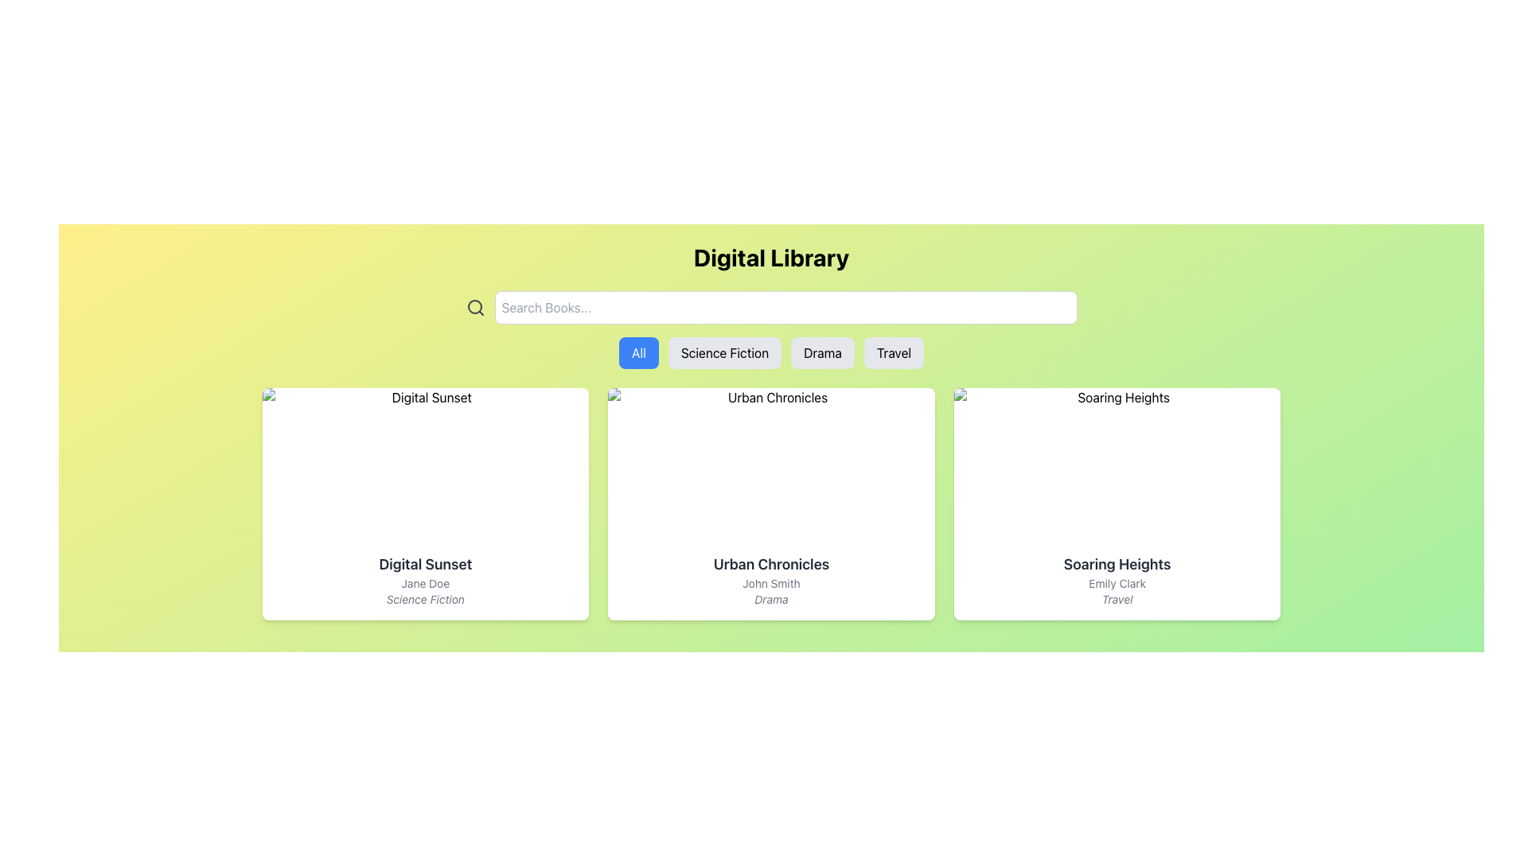 Image resolution: width=1528 pixels, height=859 pixels. I want to click on the bold, darkly styled text displaying the title 'Digital Sunset' which is centrally aligned within the first card of the grid layout, so click(425, 563).